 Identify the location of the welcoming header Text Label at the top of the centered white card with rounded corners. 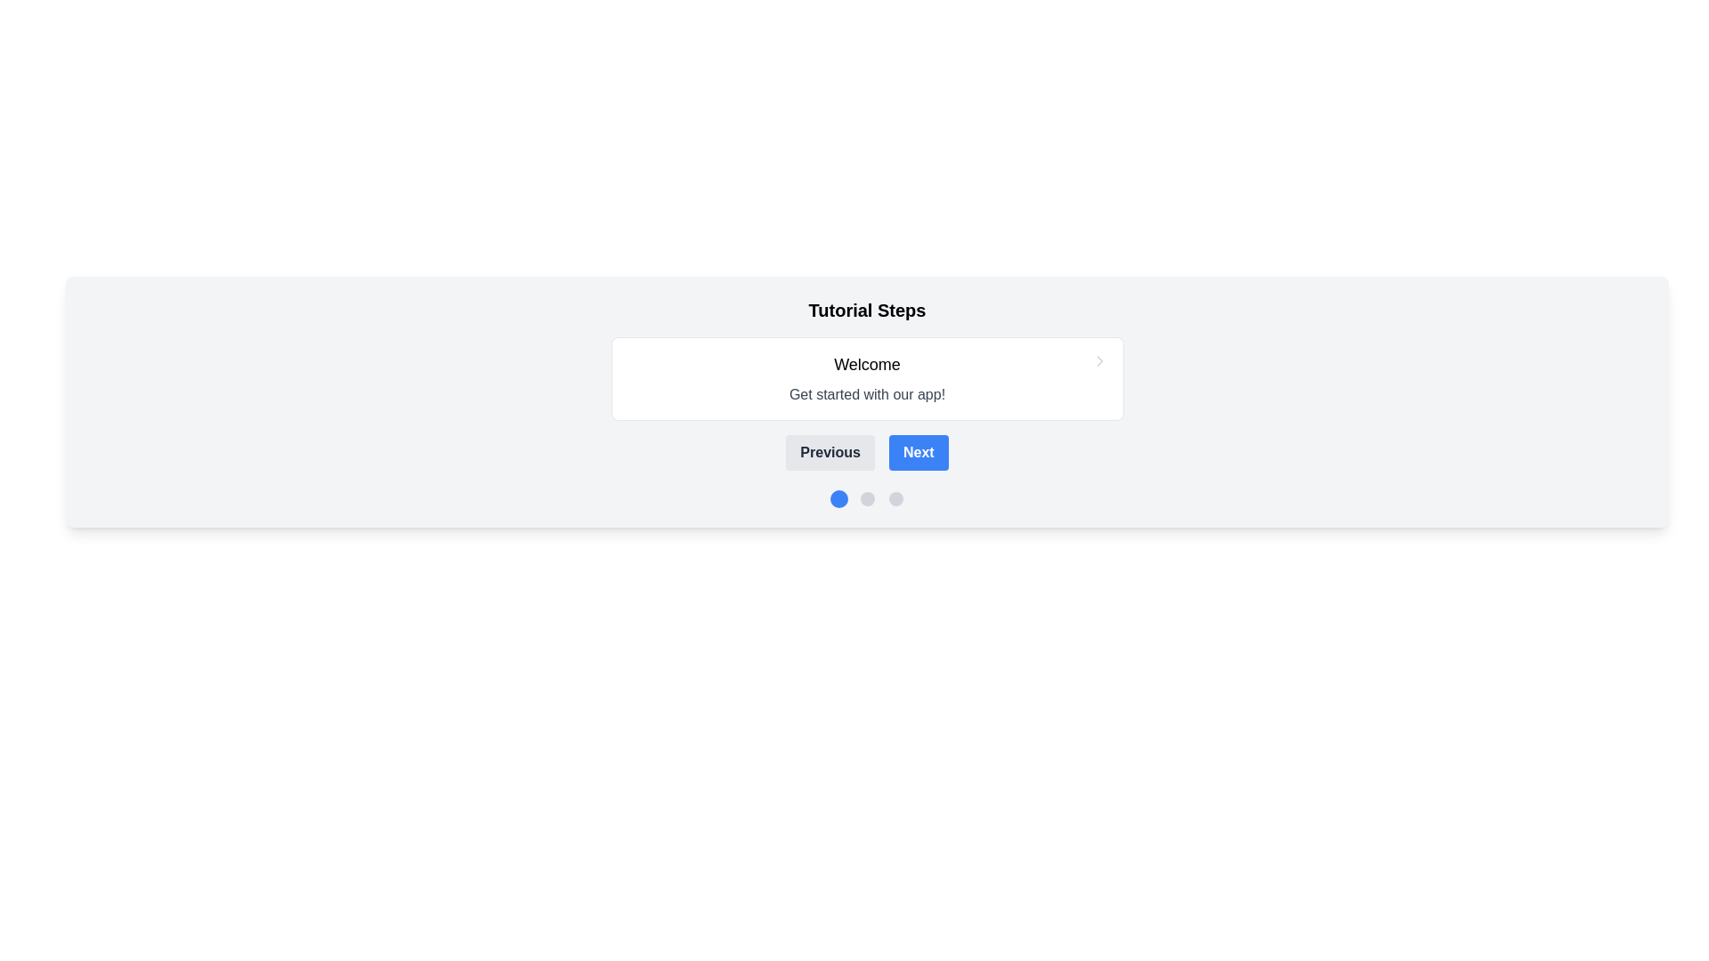
(867, 363).